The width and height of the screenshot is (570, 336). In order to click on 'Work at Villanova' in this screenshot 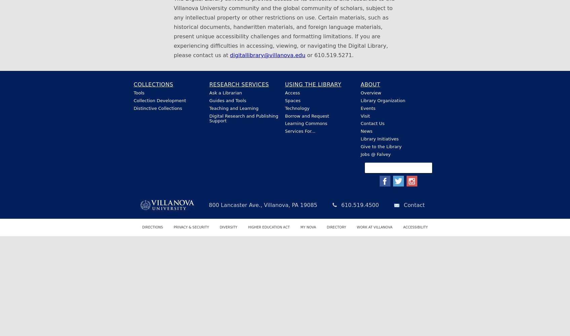, I will do `click(374, 227)`.